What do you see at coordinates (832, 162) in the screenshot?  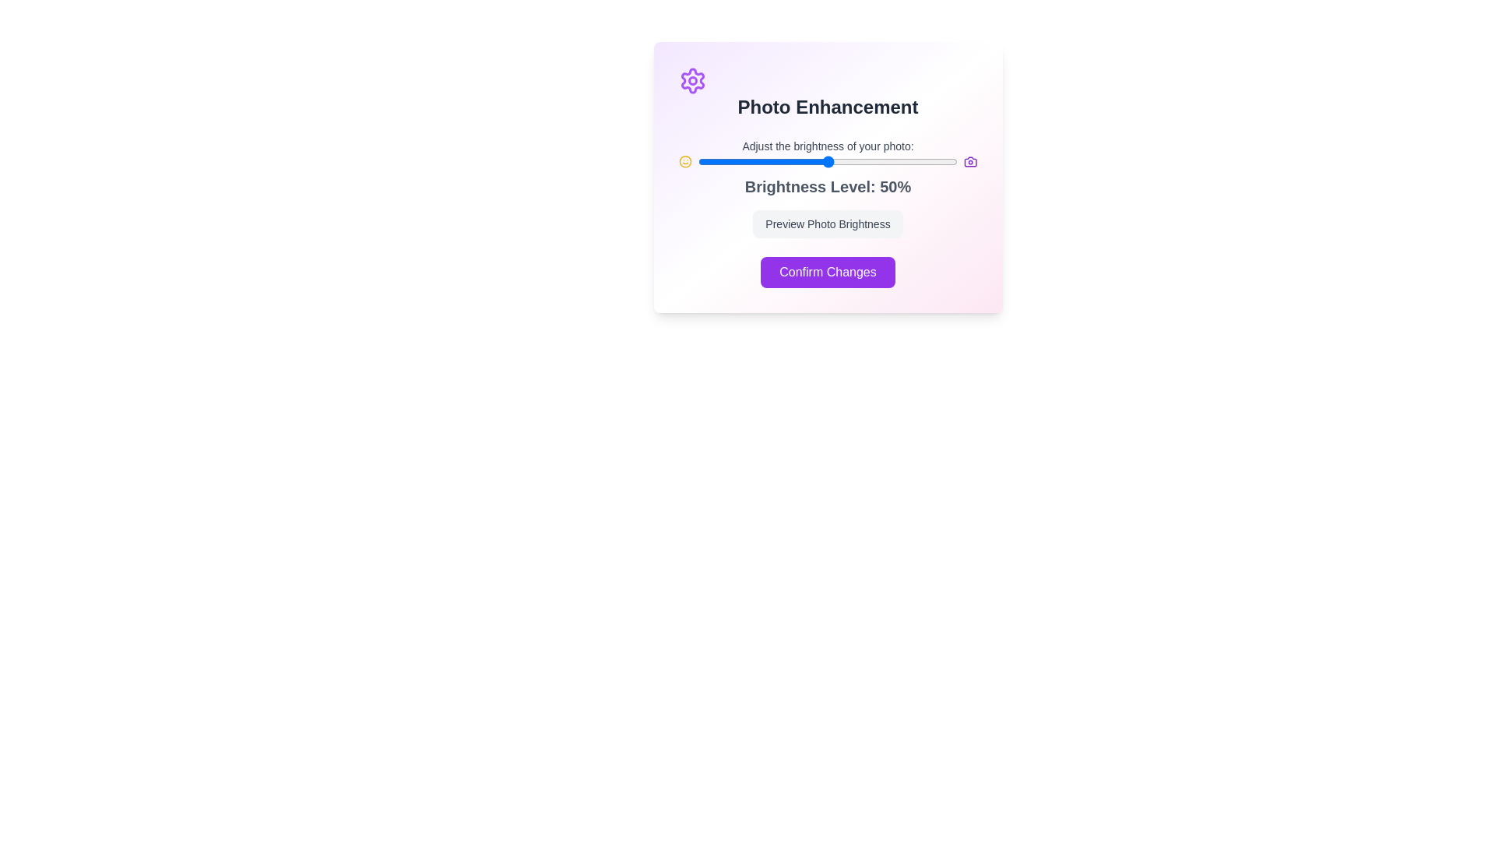 I see `the brightness level to 52% by adjusting the slider` at bounding box center [832, 162].